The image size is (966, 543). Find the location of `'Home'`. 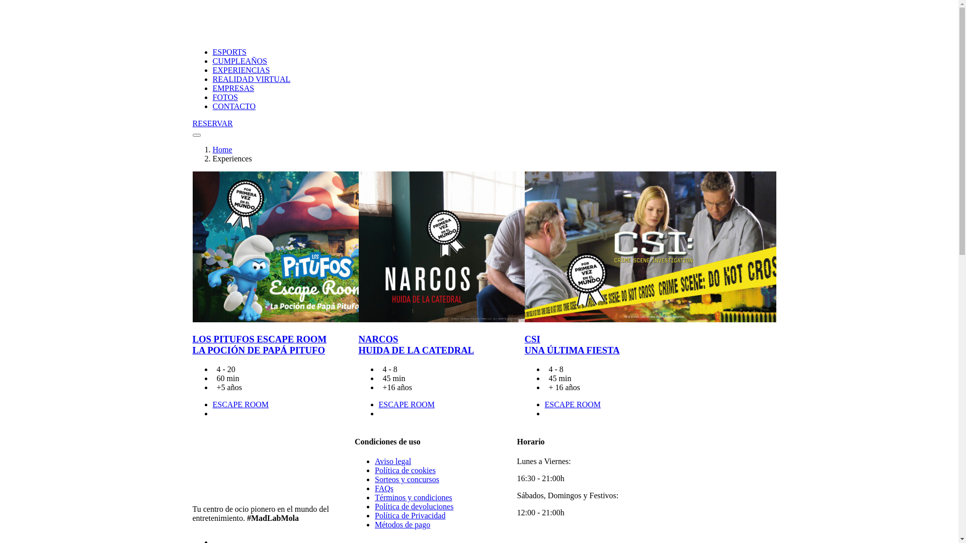

'Home' is located at coordinates (212, 149).